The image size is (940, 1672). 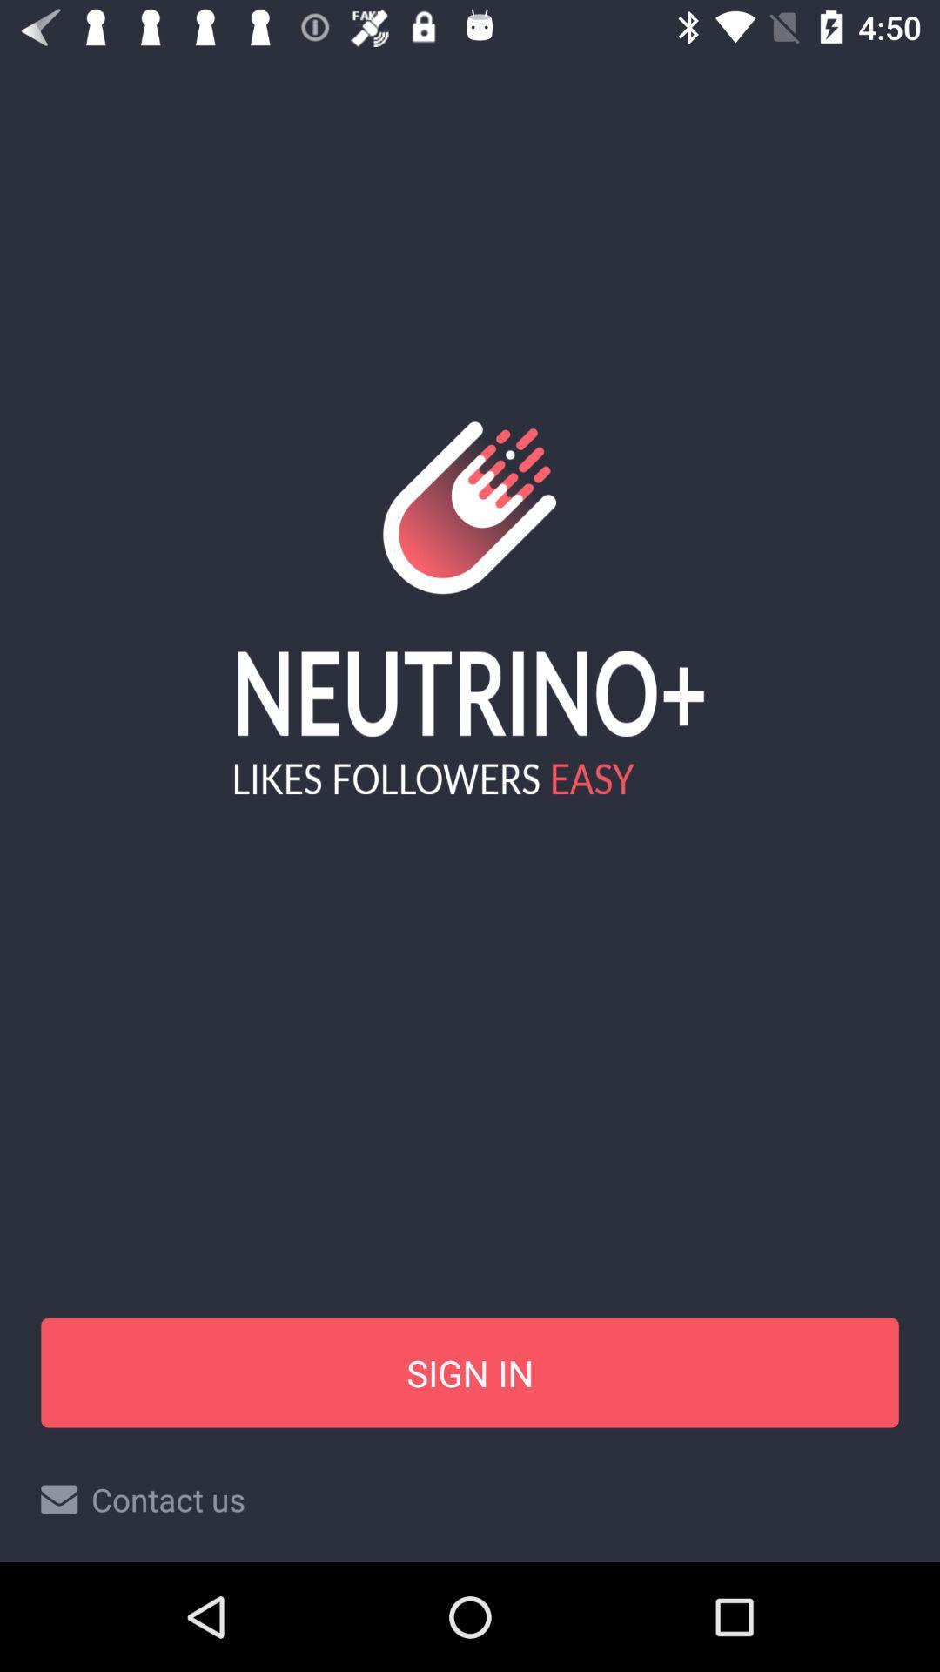 I want to click on the icon below likes followers easy, so click(x=470, y=1372).